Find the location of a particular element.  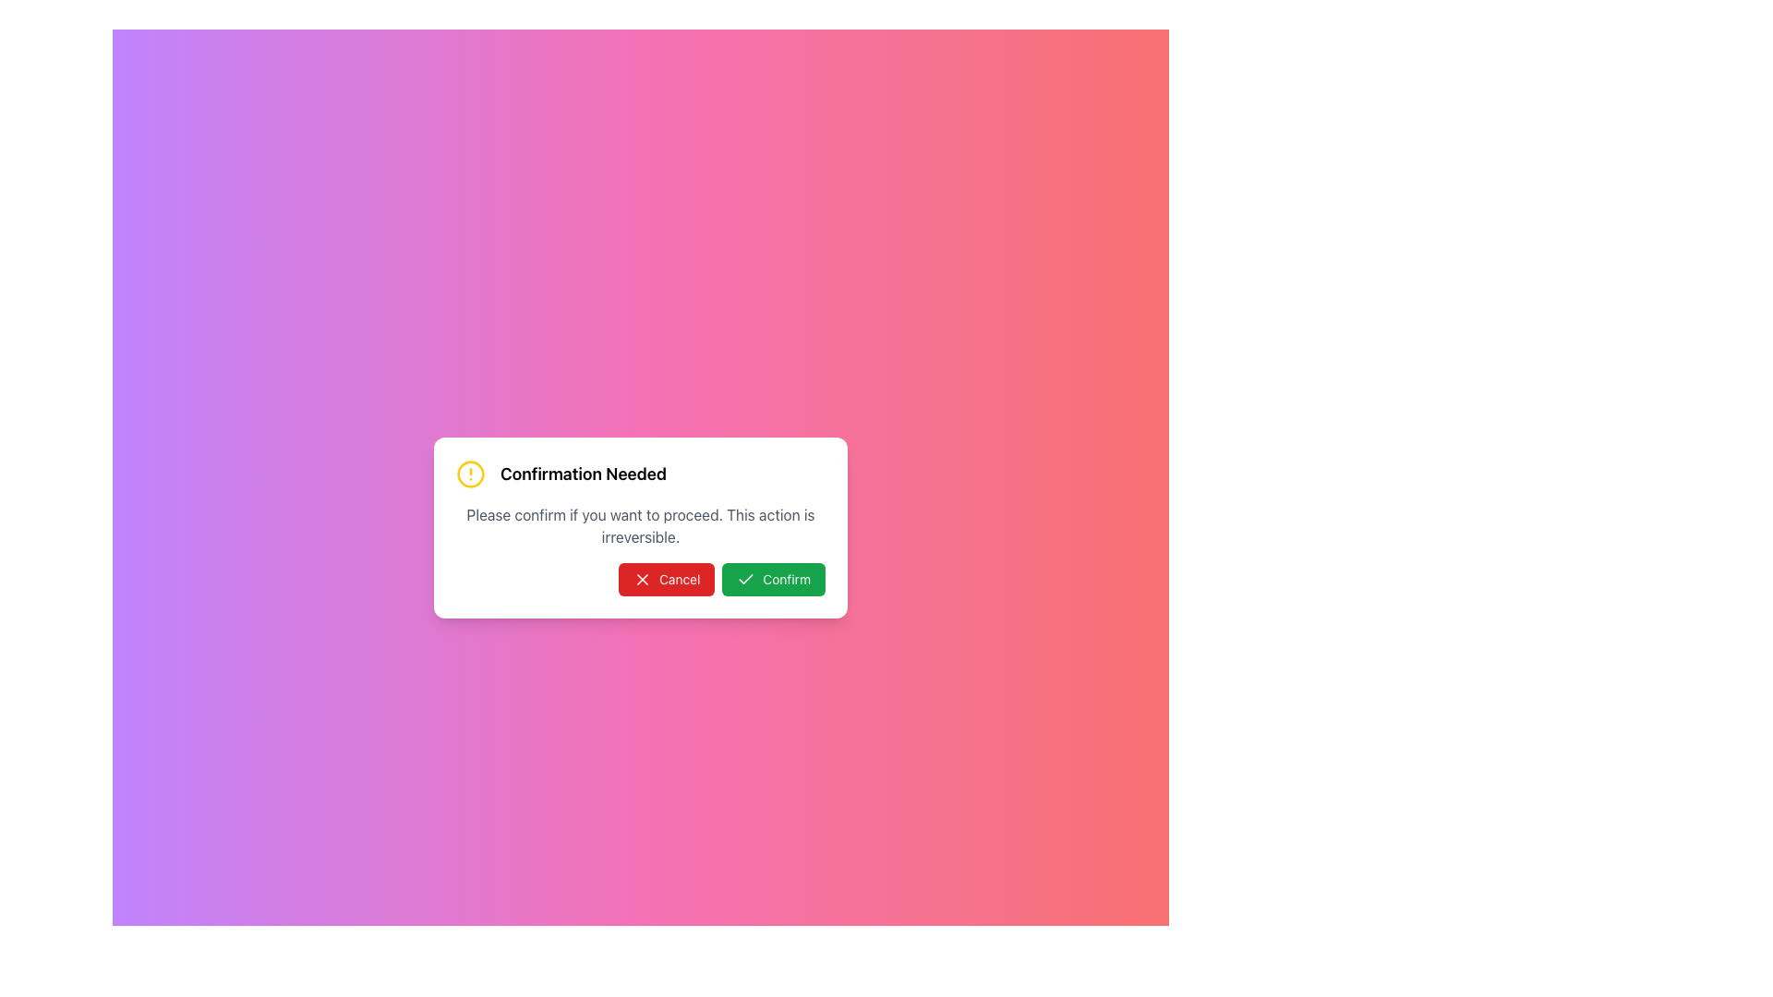

the 'Confirmation Needed' text with a yellow alert icon located at the top of the dialog box is located at coordinates (641, 473).